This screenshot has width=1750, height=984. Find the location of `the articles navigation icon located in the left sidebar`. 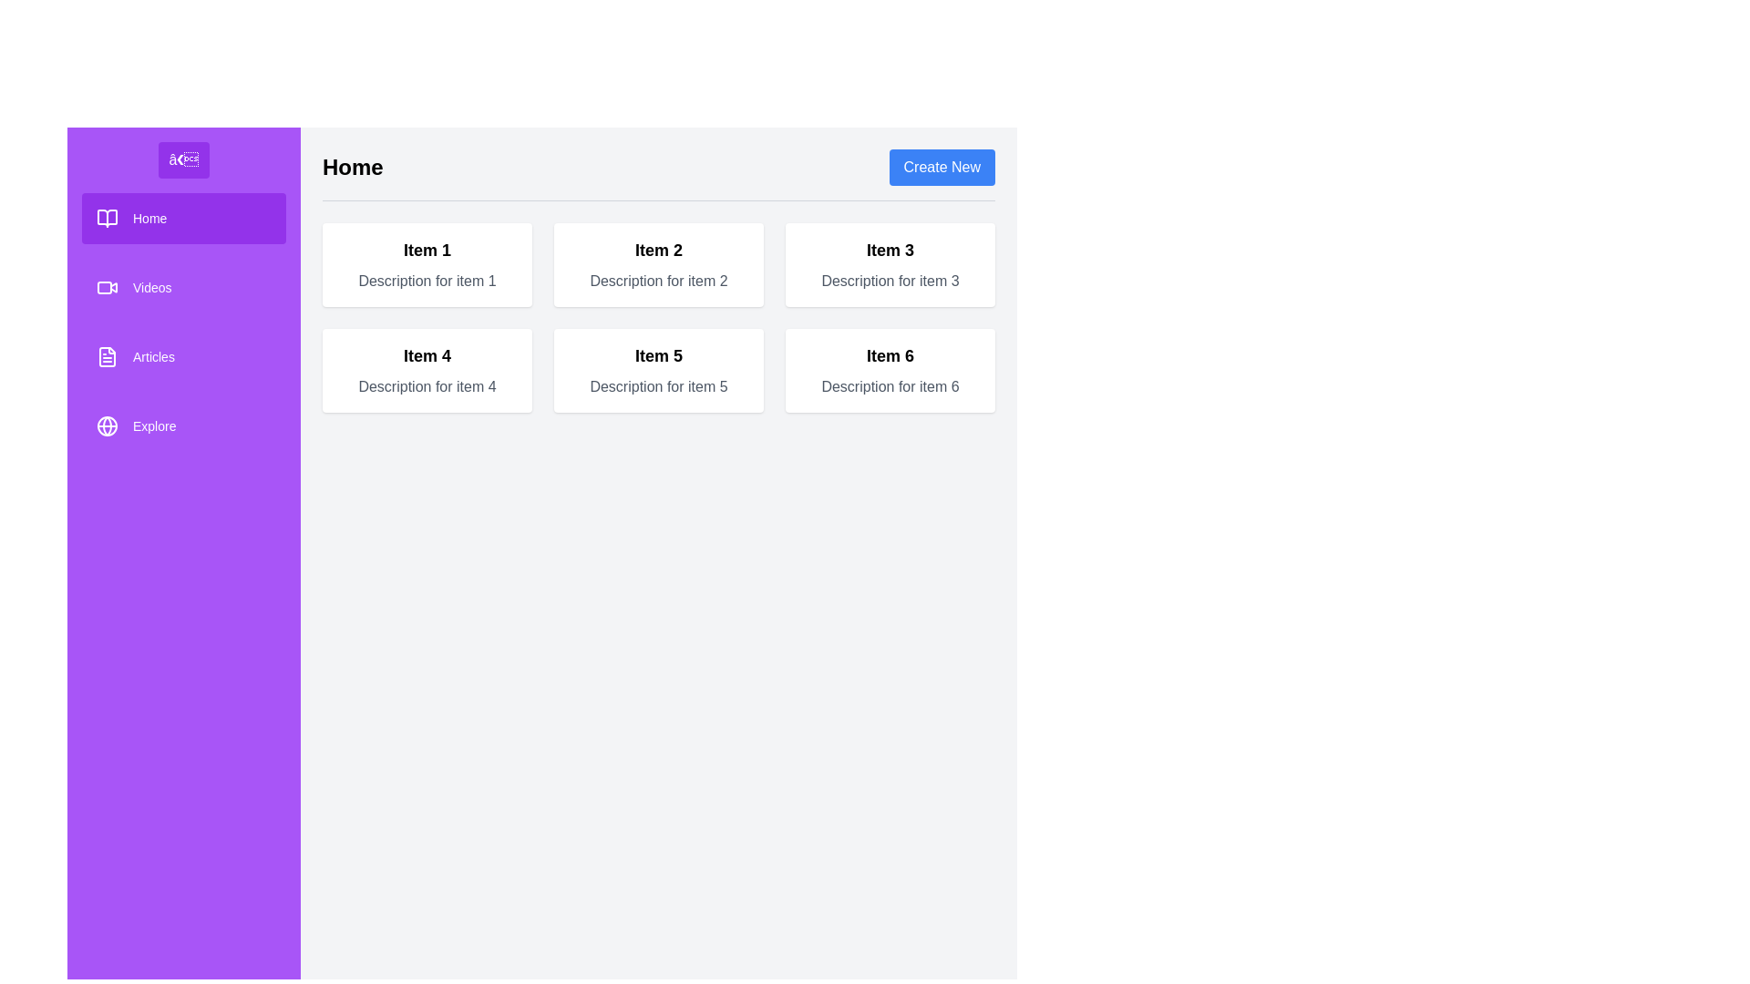

the articles navigation icon located in the left sidebar is located at coordinates (107, 357).